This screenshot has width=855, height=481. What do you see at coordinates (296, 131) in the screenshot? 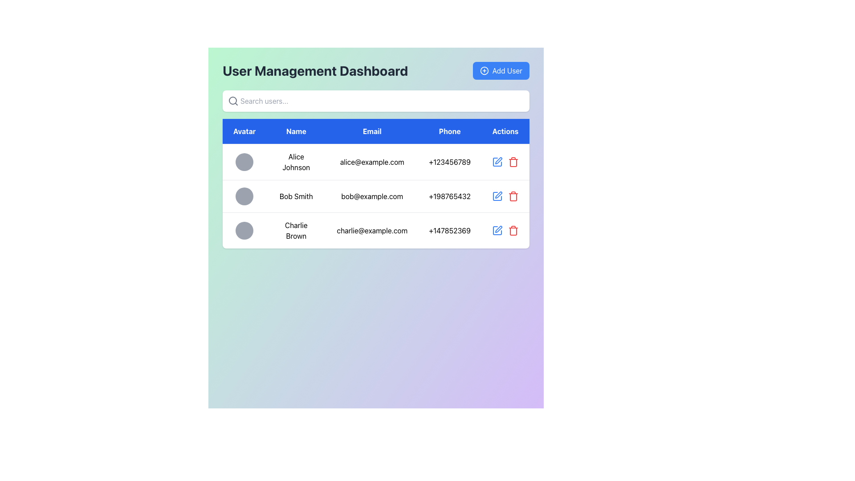
I see `the header labeled 'Name', which is the second column in the header row with a blue background and white text` at bounding box center [296, 131].